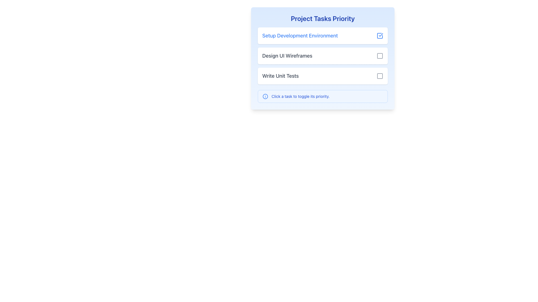 The image size is (538, 302). I want to click on the graphical button used to toggle settings related to the task 'Write Unit Tests', located to the right of the task in the displayed task list, so click(380, 76).